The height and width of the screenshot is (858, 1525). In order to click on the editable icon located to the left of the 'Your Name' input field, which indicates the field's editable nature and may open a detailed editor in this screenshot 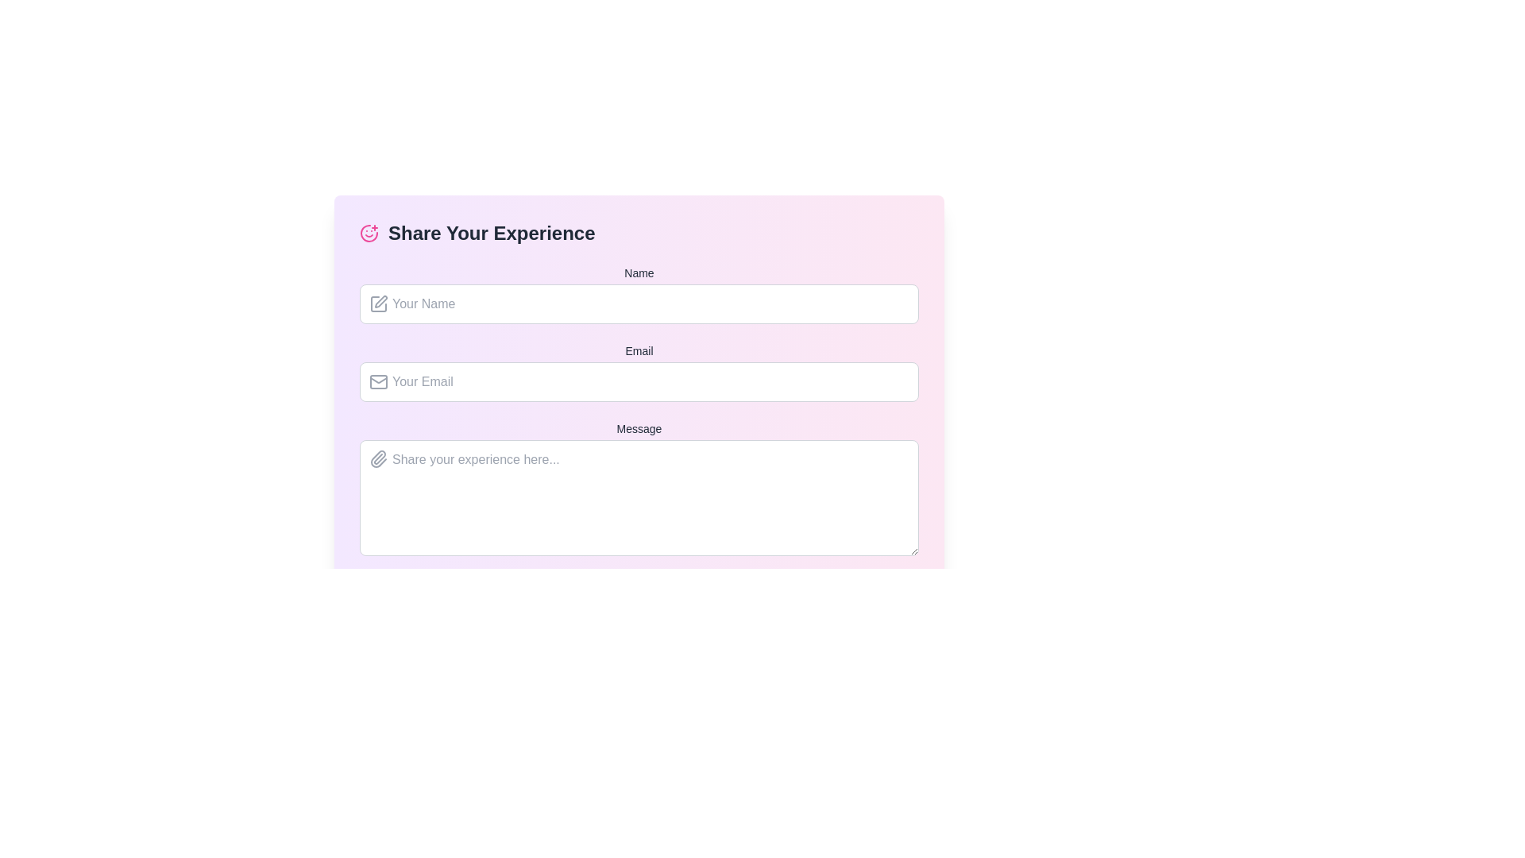, I will do `click(377, 303)`.